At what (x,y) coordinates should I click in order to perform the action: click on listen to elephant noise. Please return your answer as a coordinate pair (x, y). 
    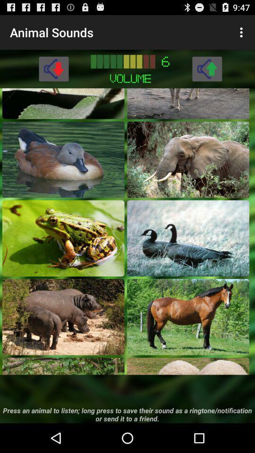
    Looking at the image, I should click on (188, 159).